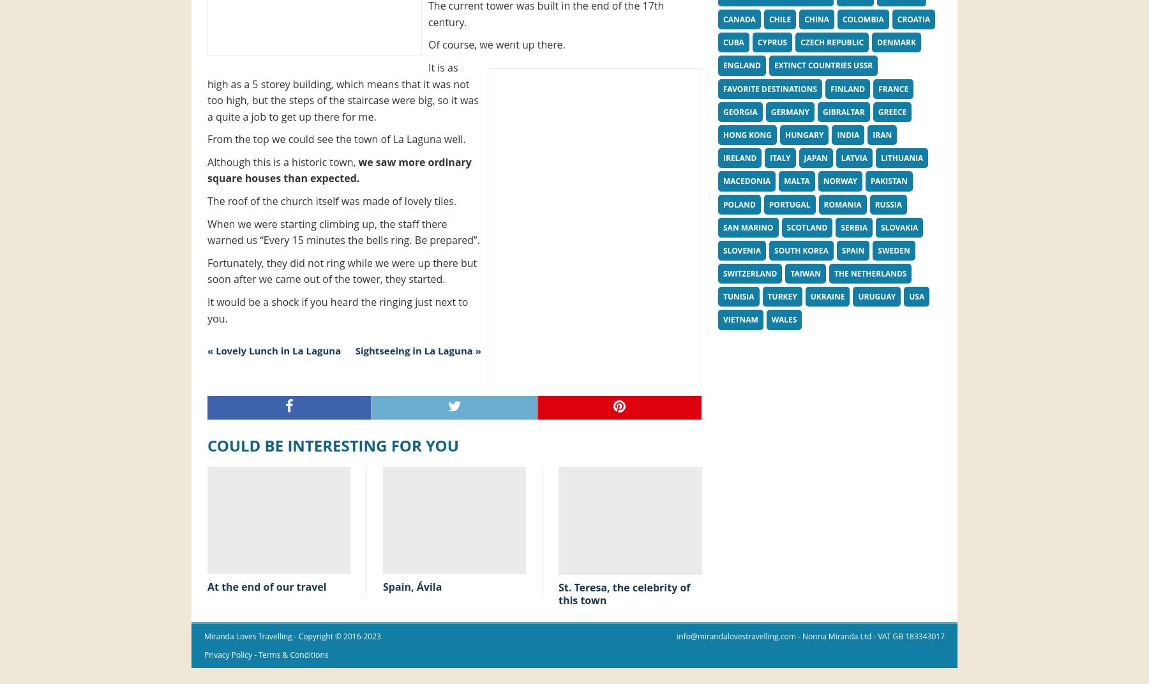 The image size is (1149, 684). I want to click on 'Spain, Ávila', so click(382, 586).